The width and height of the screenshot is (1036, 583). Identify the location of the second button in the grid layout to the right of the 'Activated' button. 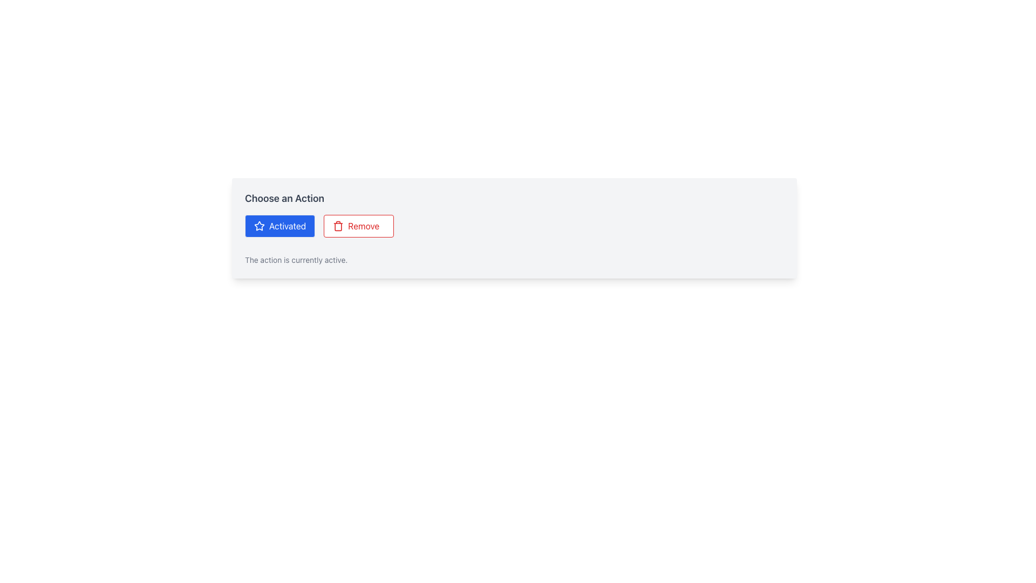
(359, 226).